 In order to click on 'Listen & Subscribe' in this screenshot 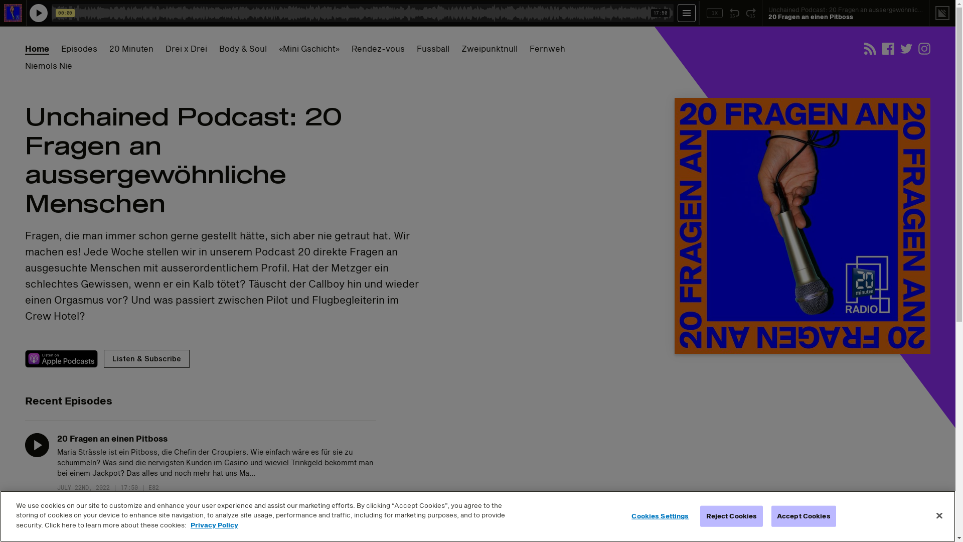, I will do `click(103, 358)`.